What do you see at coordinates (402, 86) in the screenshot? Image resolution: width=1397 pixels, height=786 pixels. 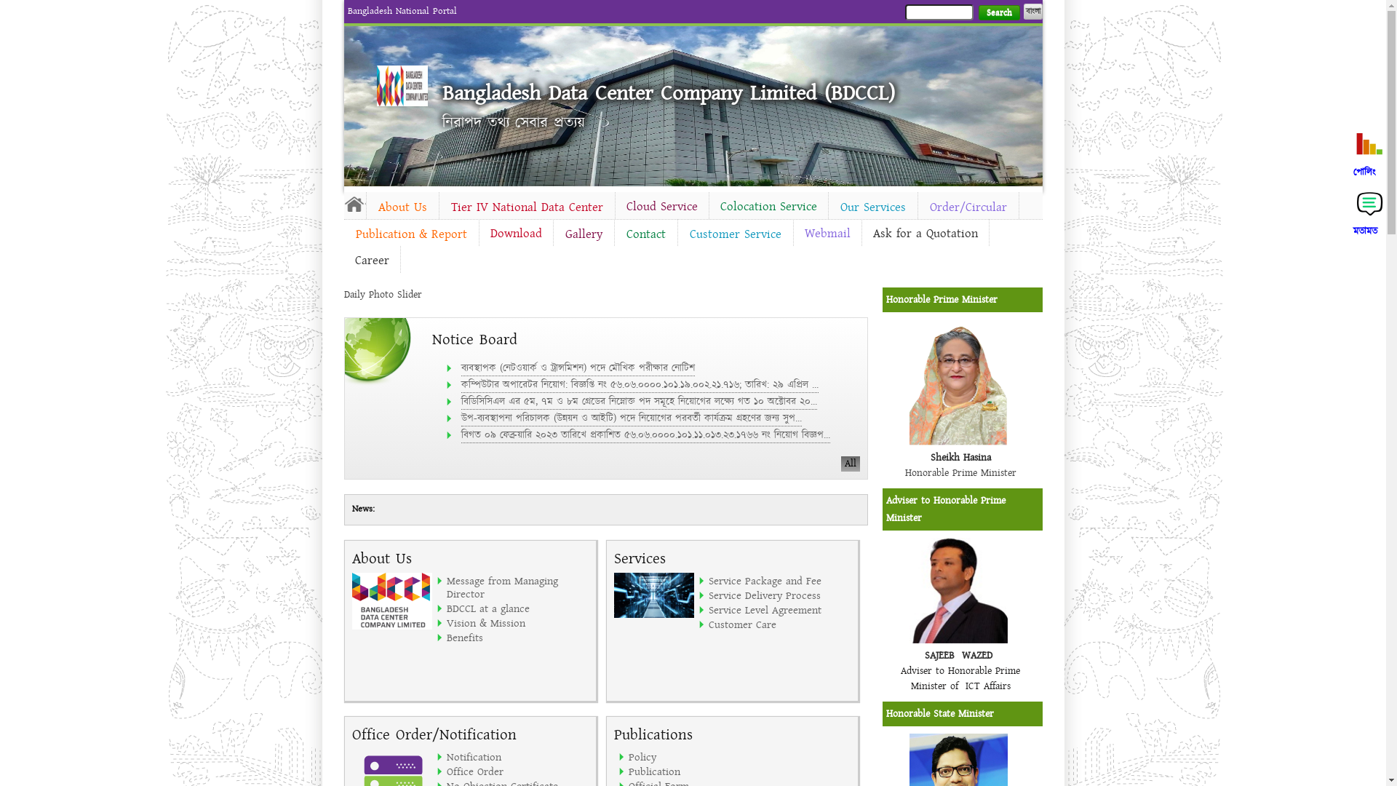 I see `'Home'` at bounding box center [402, 86].